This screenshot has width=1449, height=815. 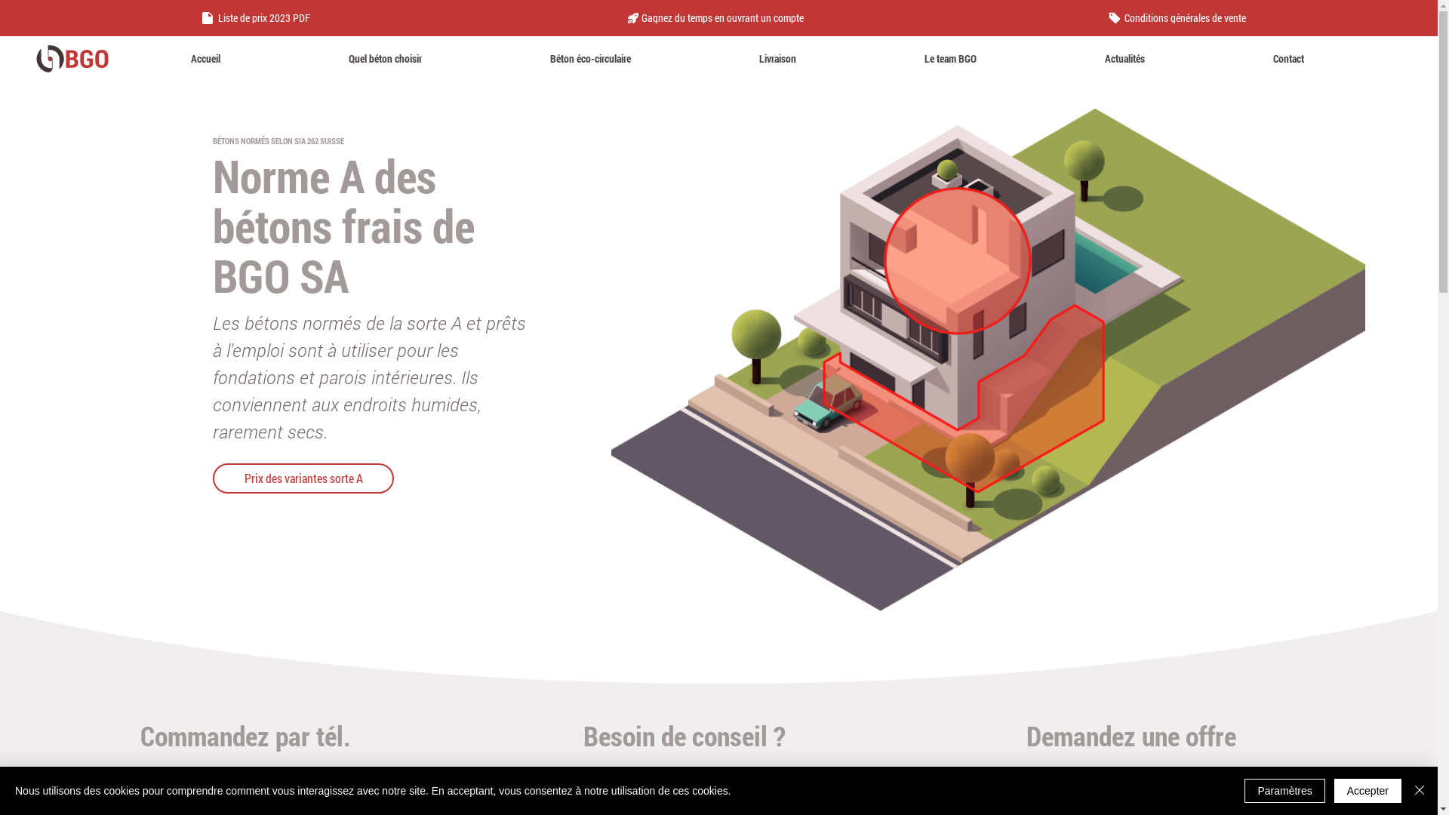 What do you see at coordinates (620, 17) in the screenshot?
I see `'Gagnez du temps en ouvrant un compte'` at bounding box center [620, 17].